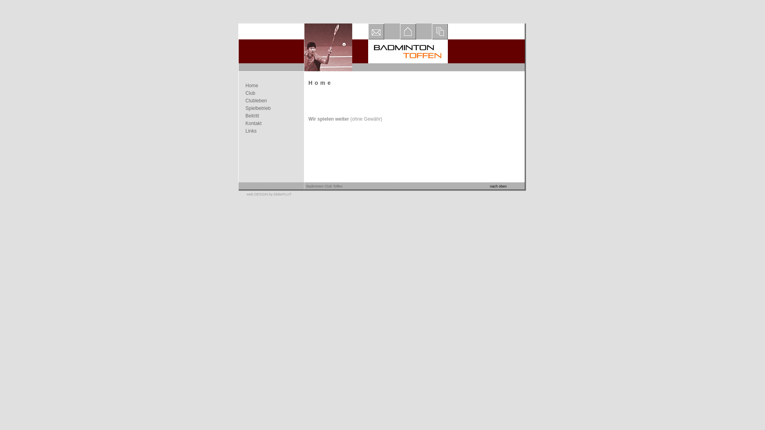 The height and width of the screenshot is (430, 765). Describe the element at coordinates (271, 115) in the screenshot. I see `'Beitritt'` at that location.